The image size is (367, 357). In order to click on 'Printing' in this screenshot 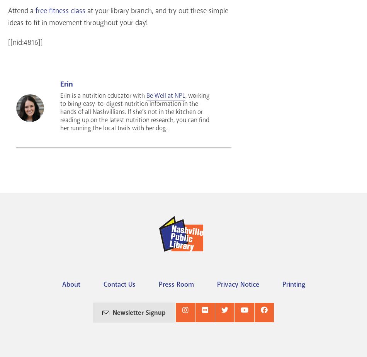, I will do `click(293, 284)`.